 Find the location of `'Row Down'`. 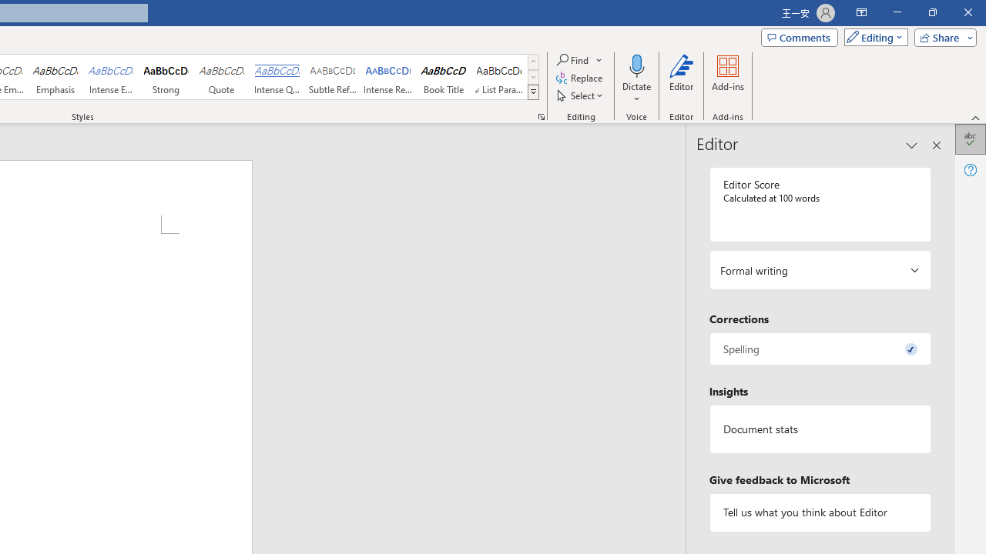

'Row Down' is located at coordinates (533, 77).